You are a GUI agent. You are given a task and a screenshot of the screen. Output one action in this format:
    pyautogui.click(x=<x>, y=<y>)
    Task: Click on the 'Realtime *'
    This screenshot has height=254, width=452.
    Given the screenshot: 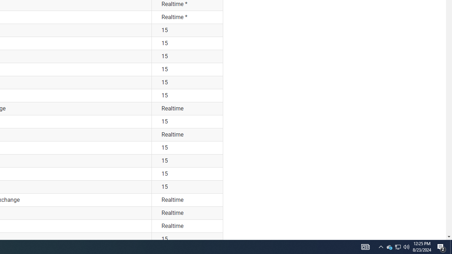 What is the action you would take?
    pyautogui.click(x=187, y=17)
    